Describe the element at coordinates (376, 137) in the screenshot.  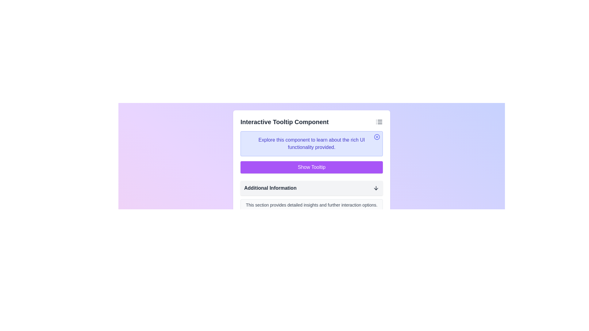
I see `the close or dismiss button located in the top-right corner of the panel to observe any hover effects` at that location.